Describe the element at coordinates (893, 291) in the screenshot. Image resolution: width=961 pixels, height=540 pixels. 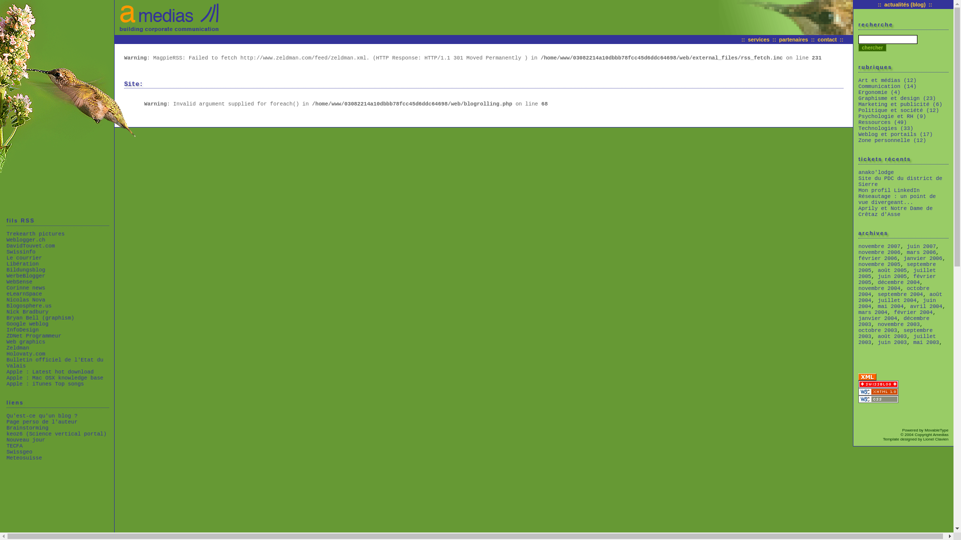
I see `'octobre 2004'` at that location.